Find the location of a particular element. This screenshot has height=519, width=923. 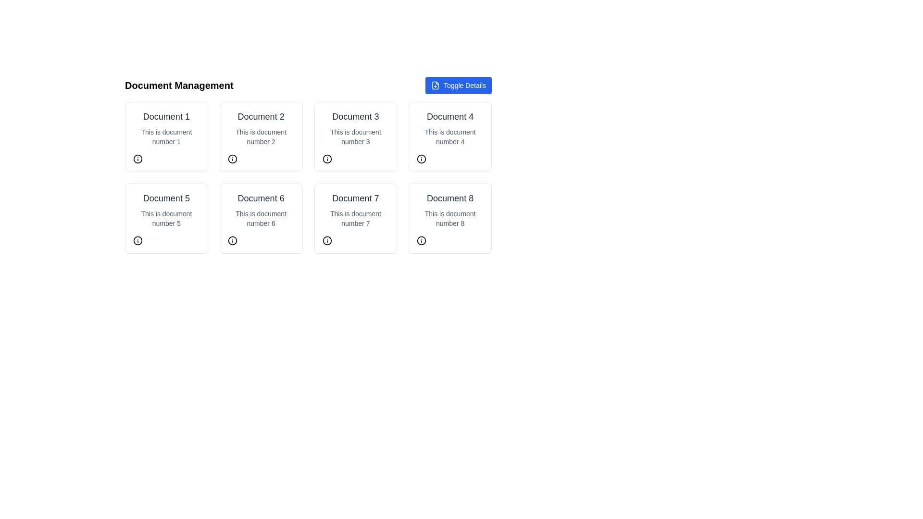

the text label reading 'This is document number 8', which is located within the 'Document 8' card, positioned in the lower region beneath the card title is located at coordinates (449, 219).